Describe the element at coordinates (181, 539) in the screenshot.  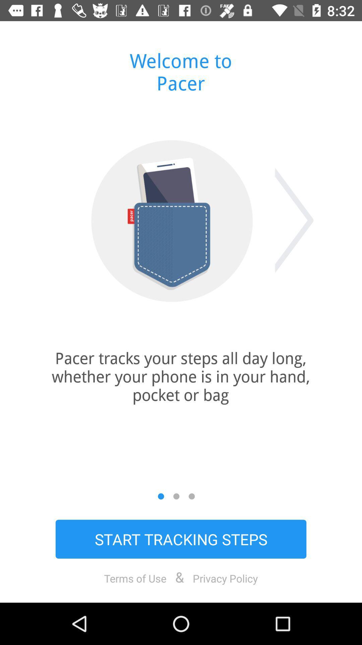
I see `icon above & item` at that location.